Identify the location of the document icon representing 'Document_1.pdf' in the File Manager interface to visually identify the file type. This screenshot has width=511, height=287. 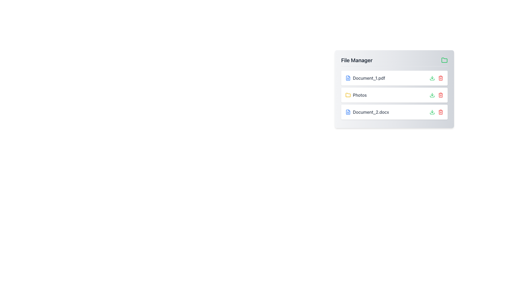
(348, 78).